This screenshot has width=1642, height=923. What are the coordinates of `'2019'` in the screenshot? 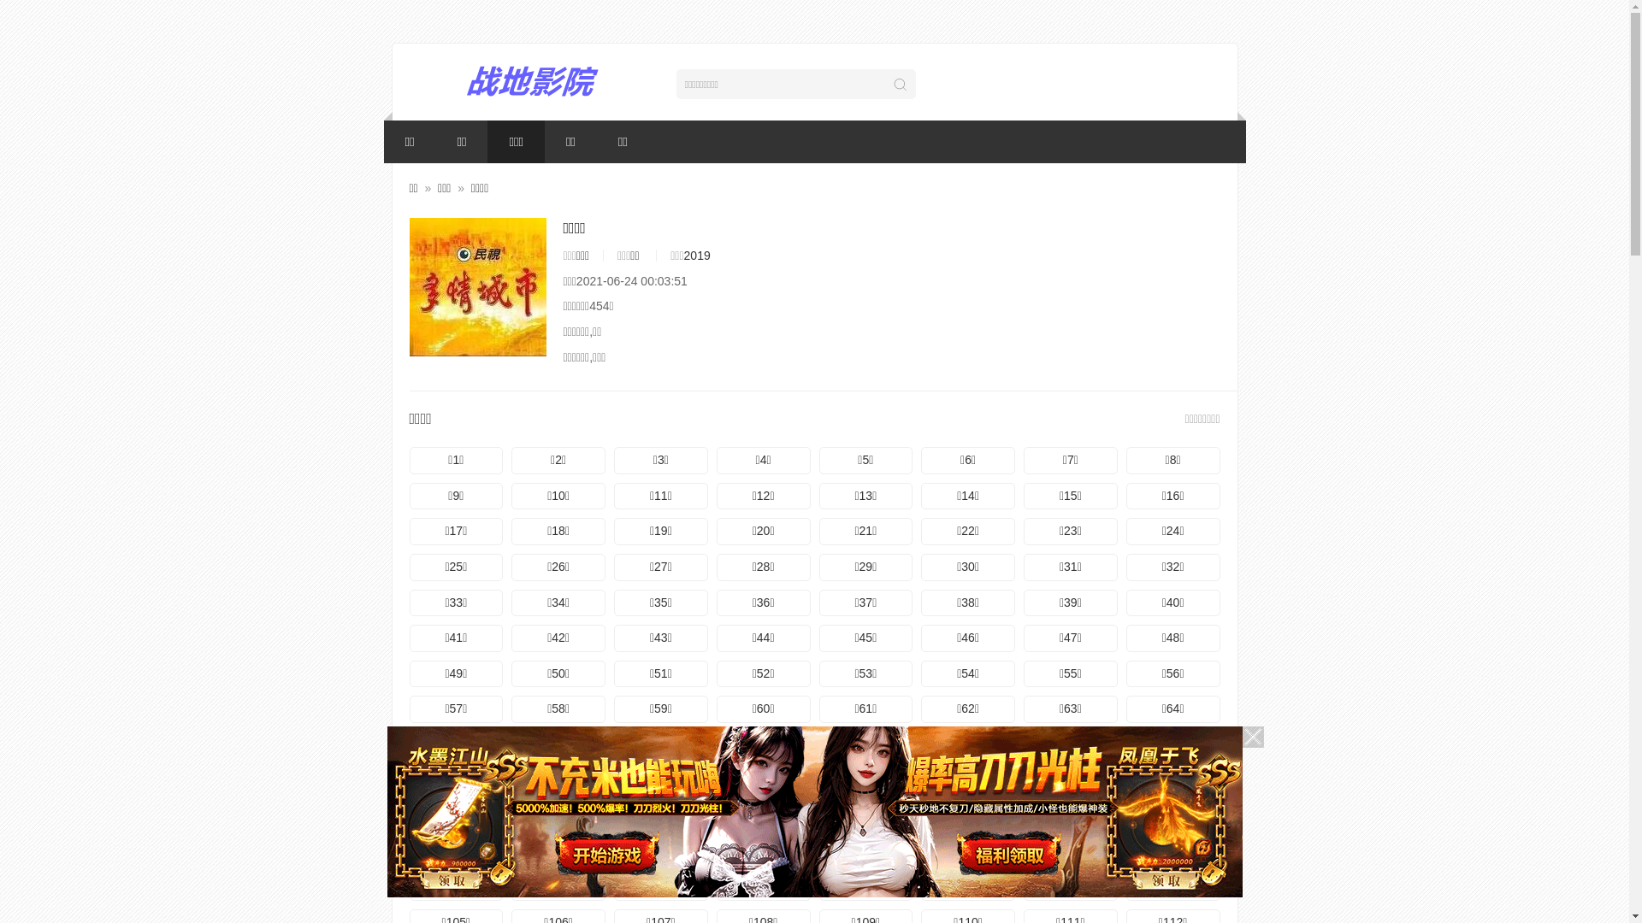 It's located at (697, 256).